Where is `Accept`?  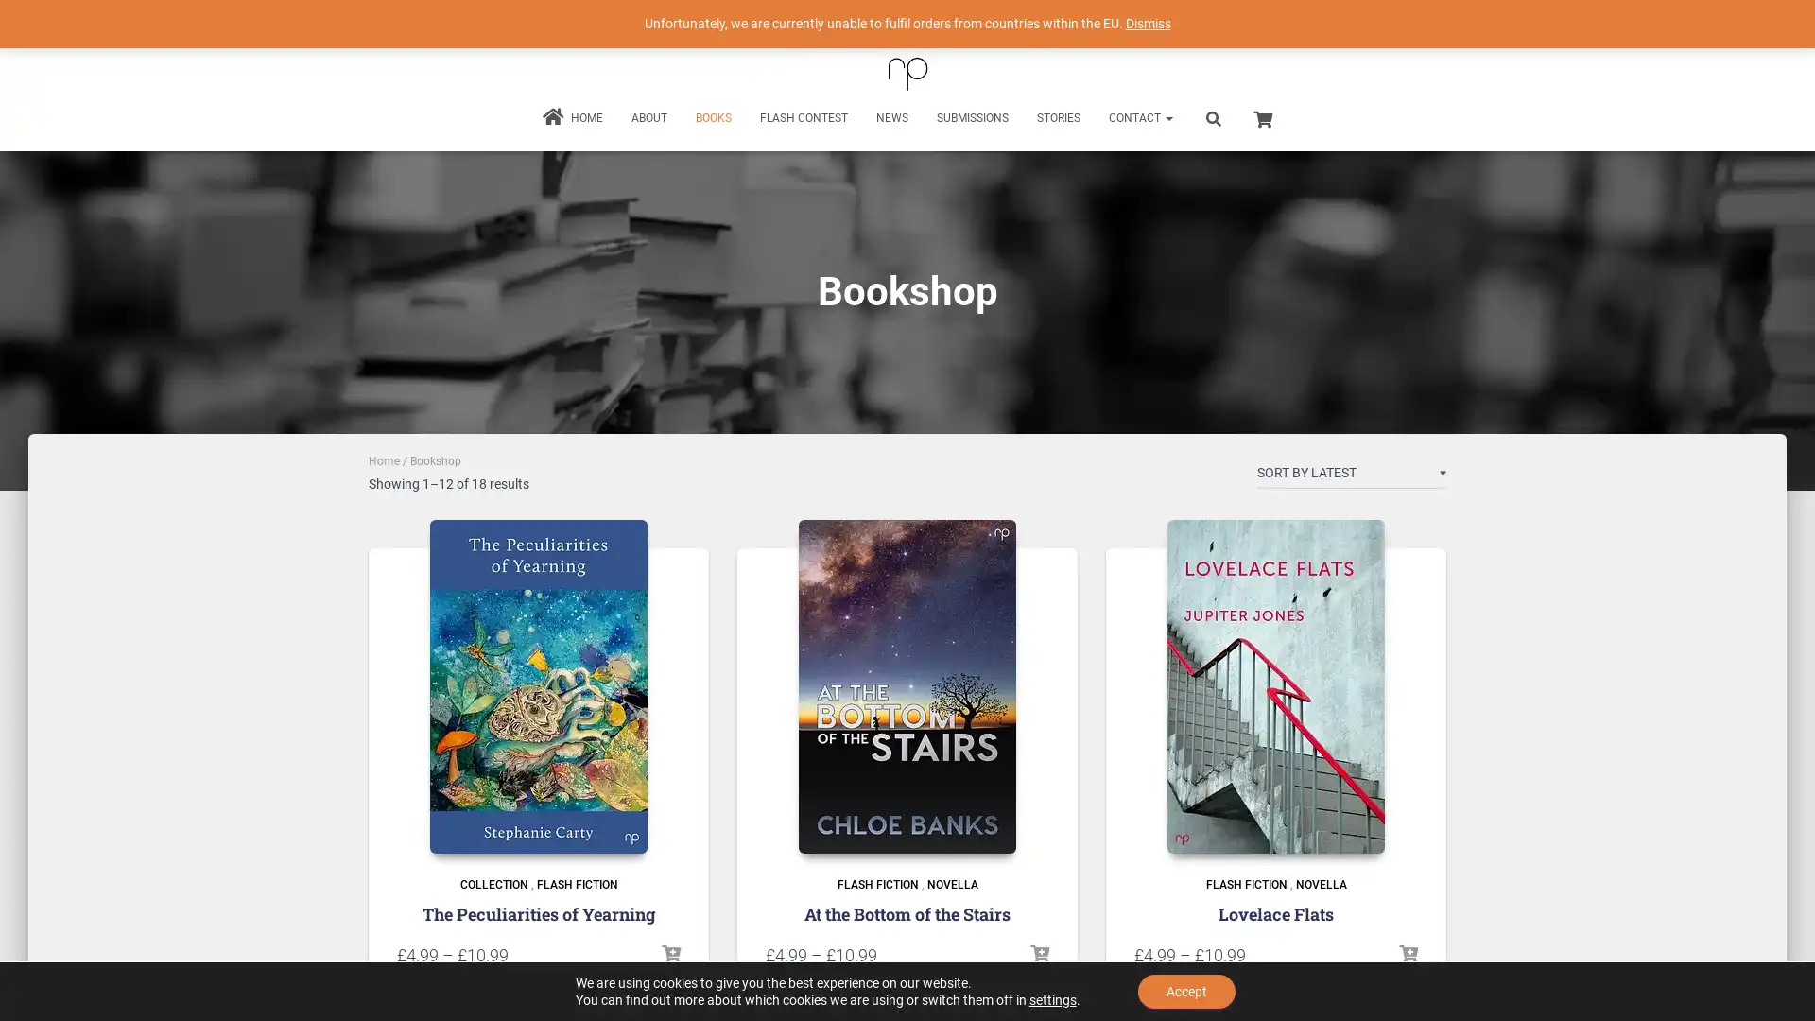 Accept is located at coordinates (1185, 991).